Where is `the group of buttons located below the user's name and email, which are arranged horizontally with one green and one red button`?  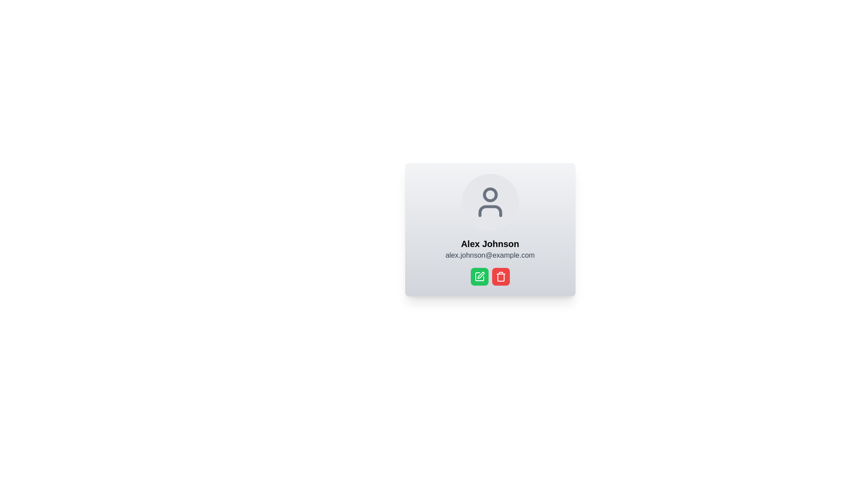 the group of buttons located below the user's name and email, which are arranged horizontally with one green and one red button is located at coordinates (489, 276).